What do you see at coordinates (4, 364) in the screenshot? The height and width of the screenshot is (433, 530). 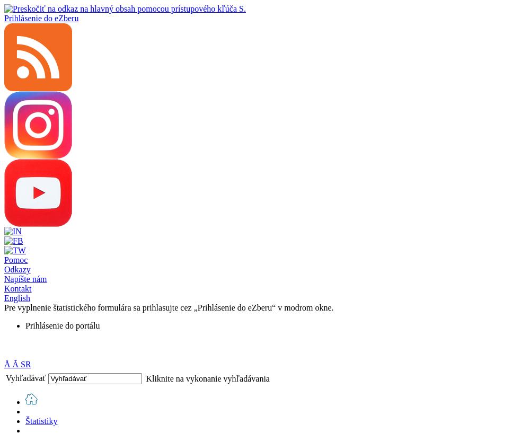 I see `'Å Ã SR'` at bounding box center [4, 364].